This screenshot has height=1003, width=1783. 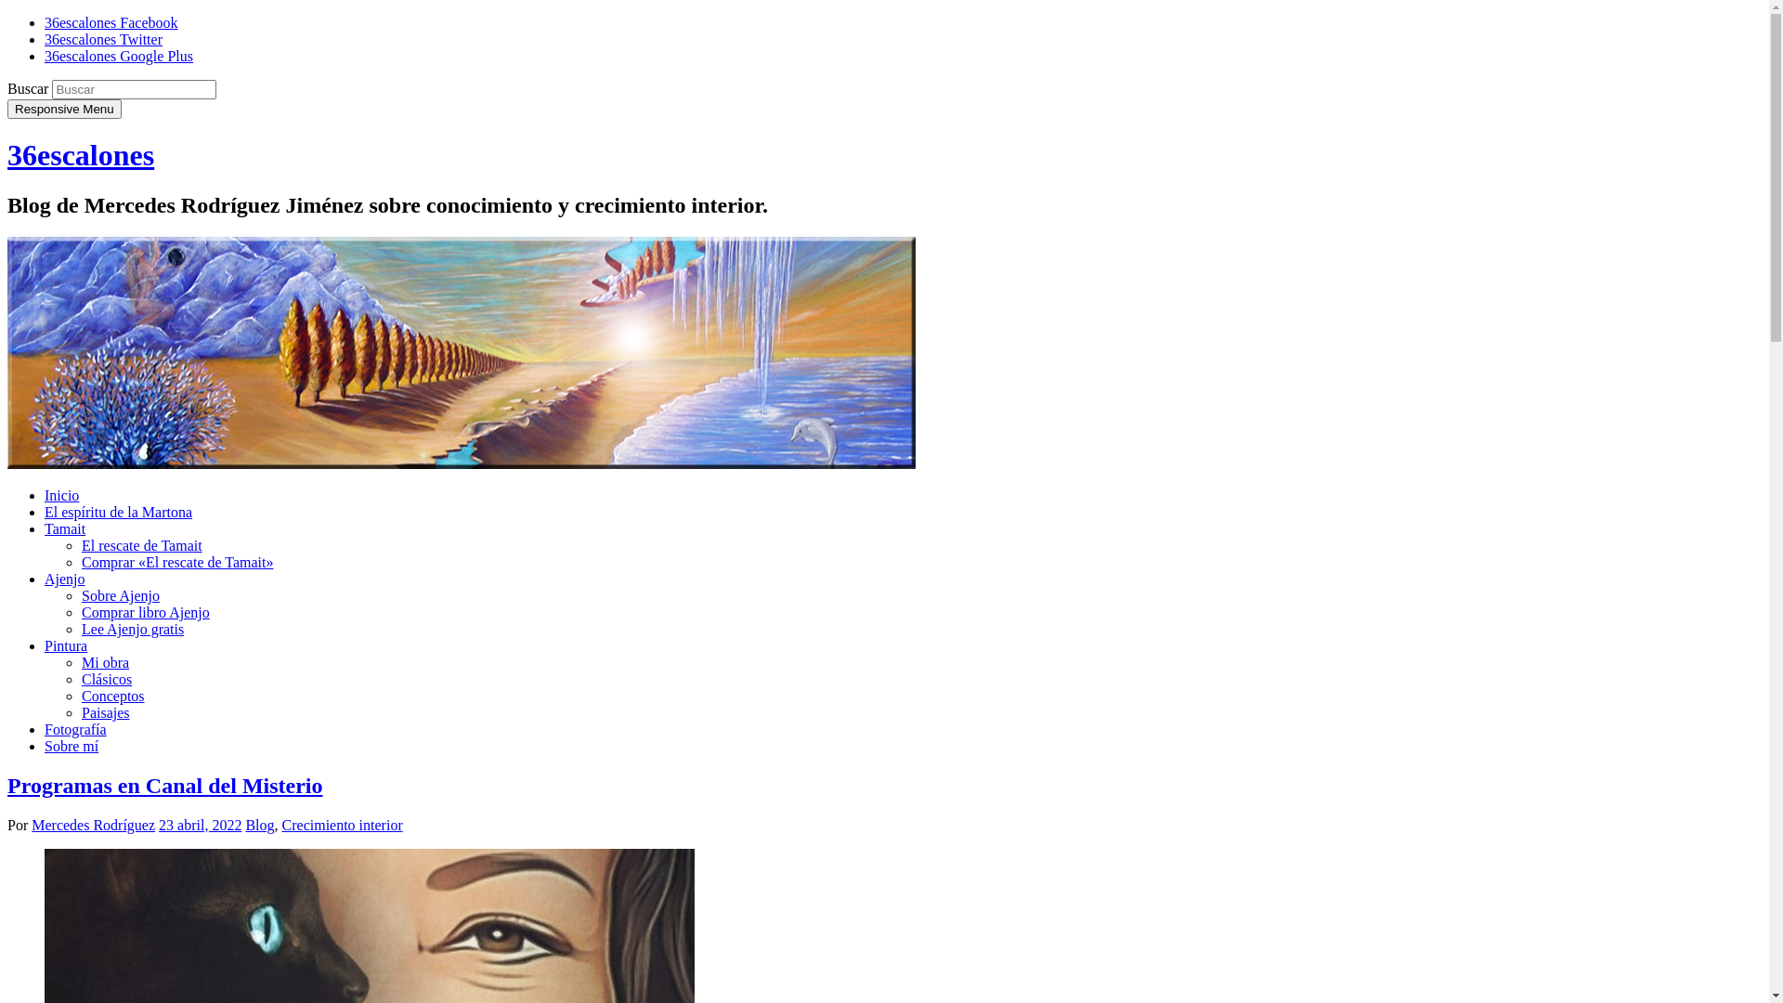 I want to click on 'Blog', so click(x=244, y=824).